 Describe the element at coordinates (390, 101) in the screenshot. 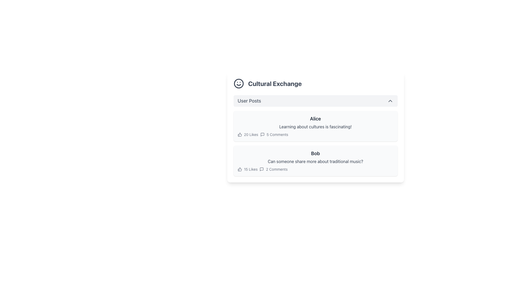

I see `the Chevron icon at the far-right end of the 'User Posts' section header` at that location.